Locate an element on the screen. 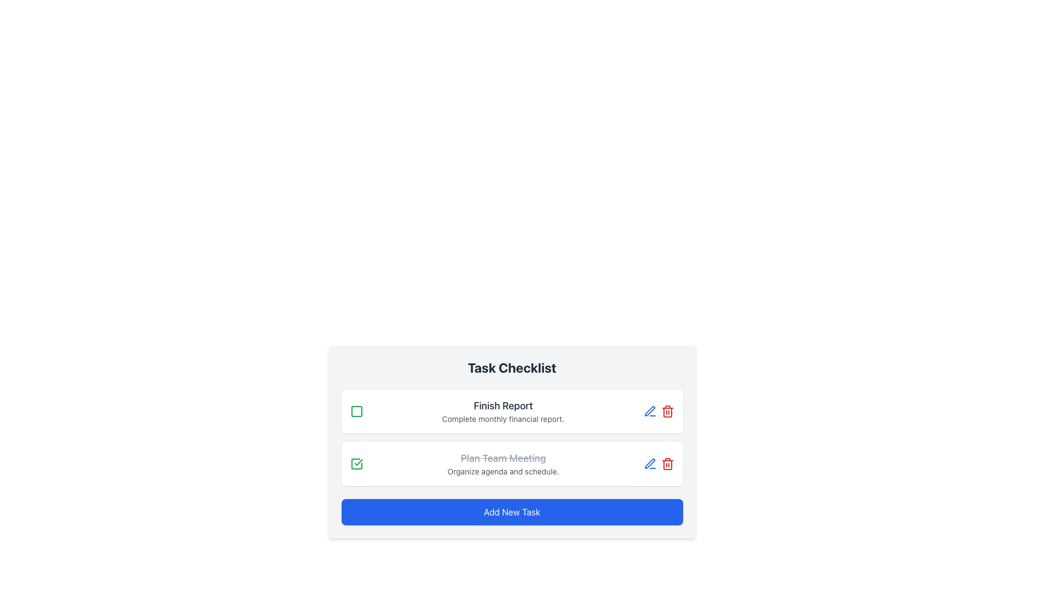 The image size is (1051, 591). the edit icon represented by a pen-shaped icon located adjacent to the second task entry in the checklist is located at coordinates (649, 411).